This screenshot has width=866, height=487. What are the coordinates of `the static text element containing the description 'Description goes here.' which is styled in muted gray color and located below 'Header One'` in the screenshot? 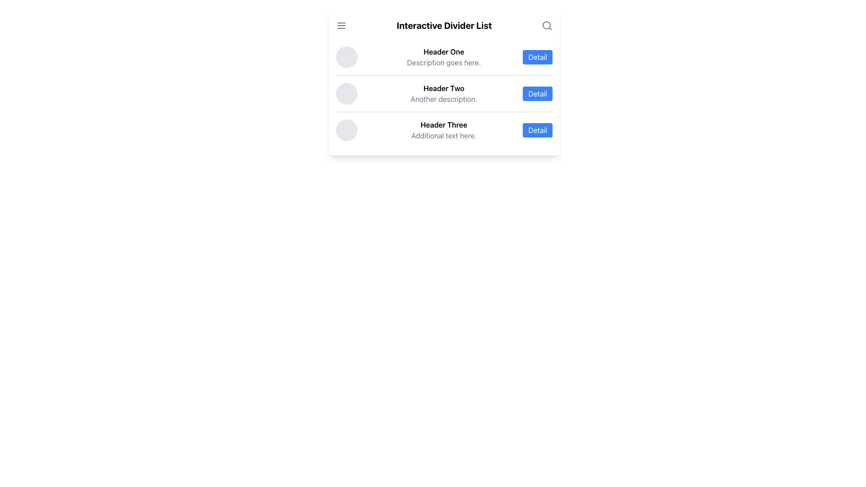 It's located at (444, 62).